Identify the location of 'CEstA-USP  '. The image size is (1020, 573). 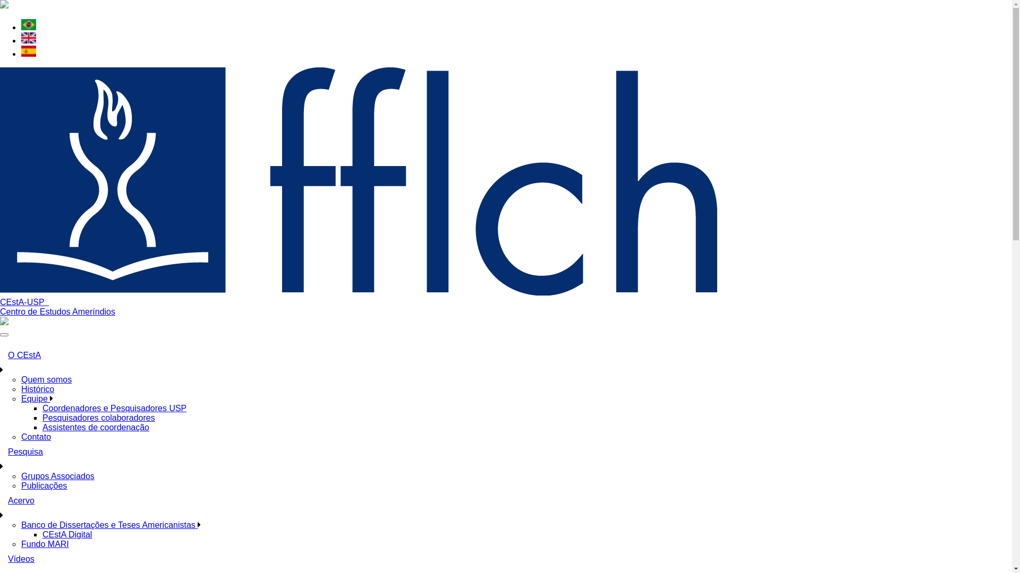
(24, 302).